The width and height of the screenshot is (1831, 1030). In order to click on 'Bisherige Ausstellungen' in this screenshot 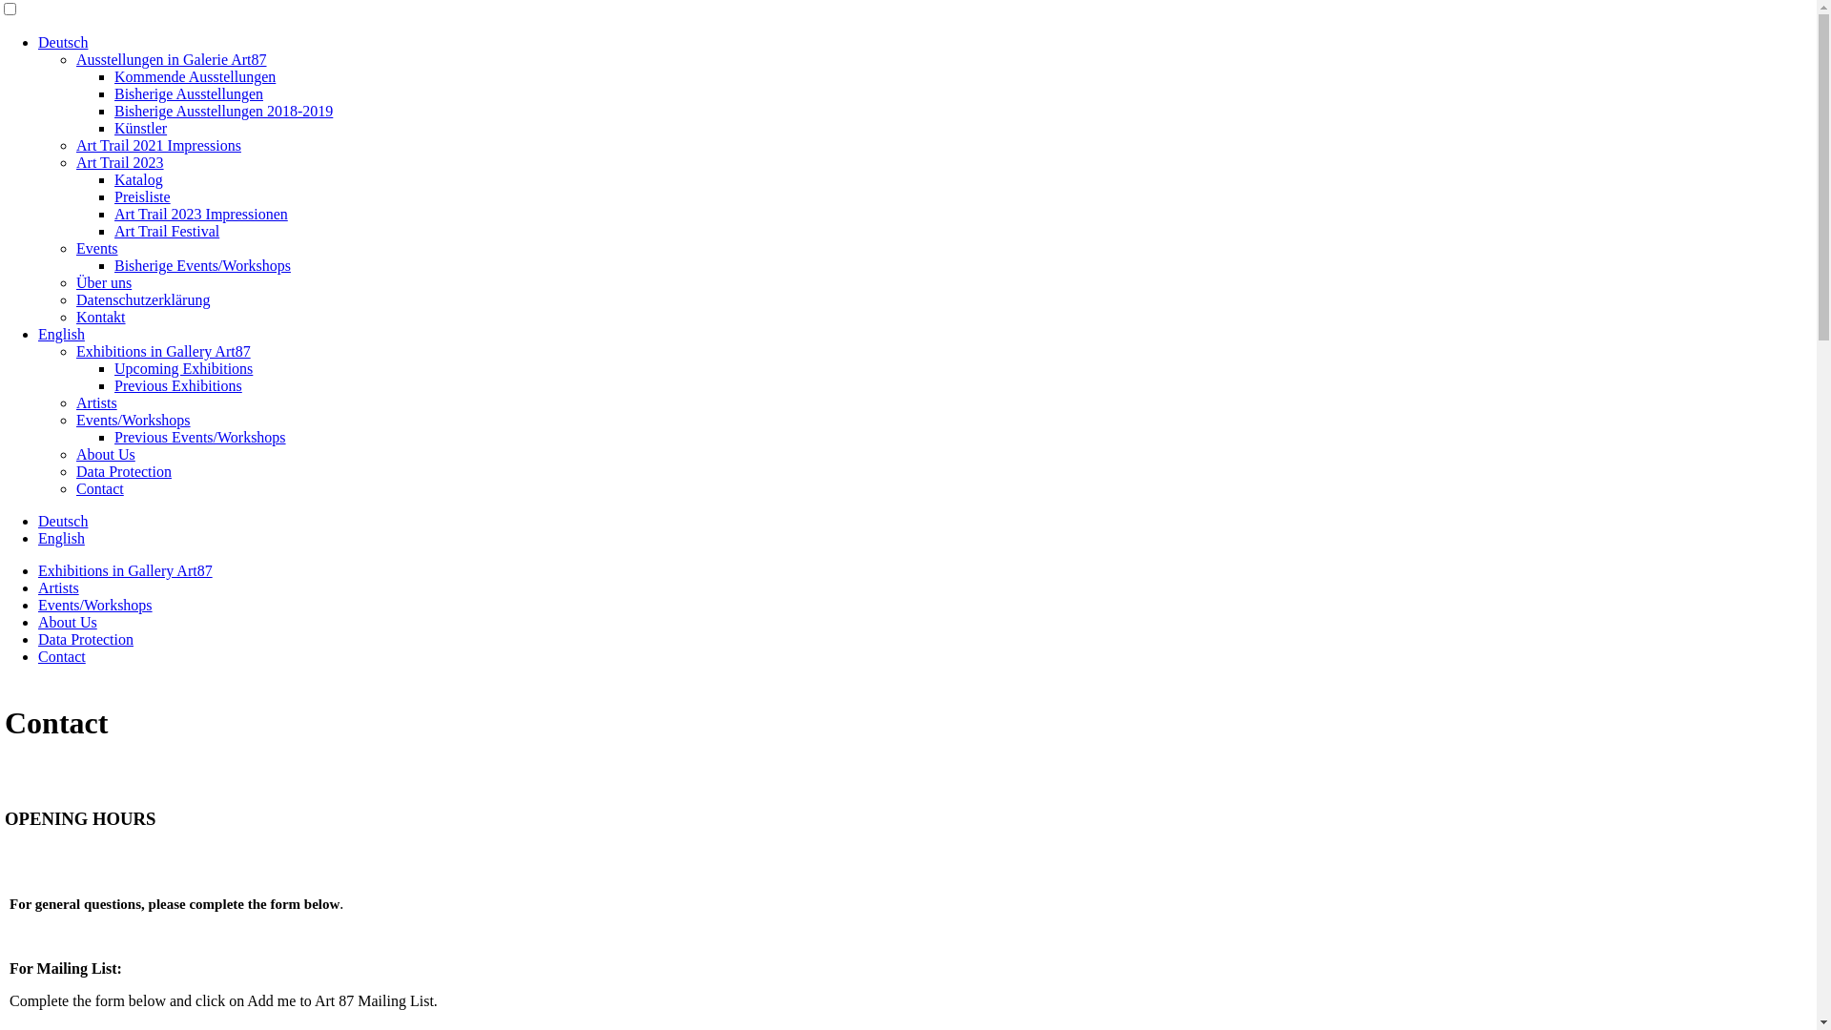, I will do `click(188, 93)`.